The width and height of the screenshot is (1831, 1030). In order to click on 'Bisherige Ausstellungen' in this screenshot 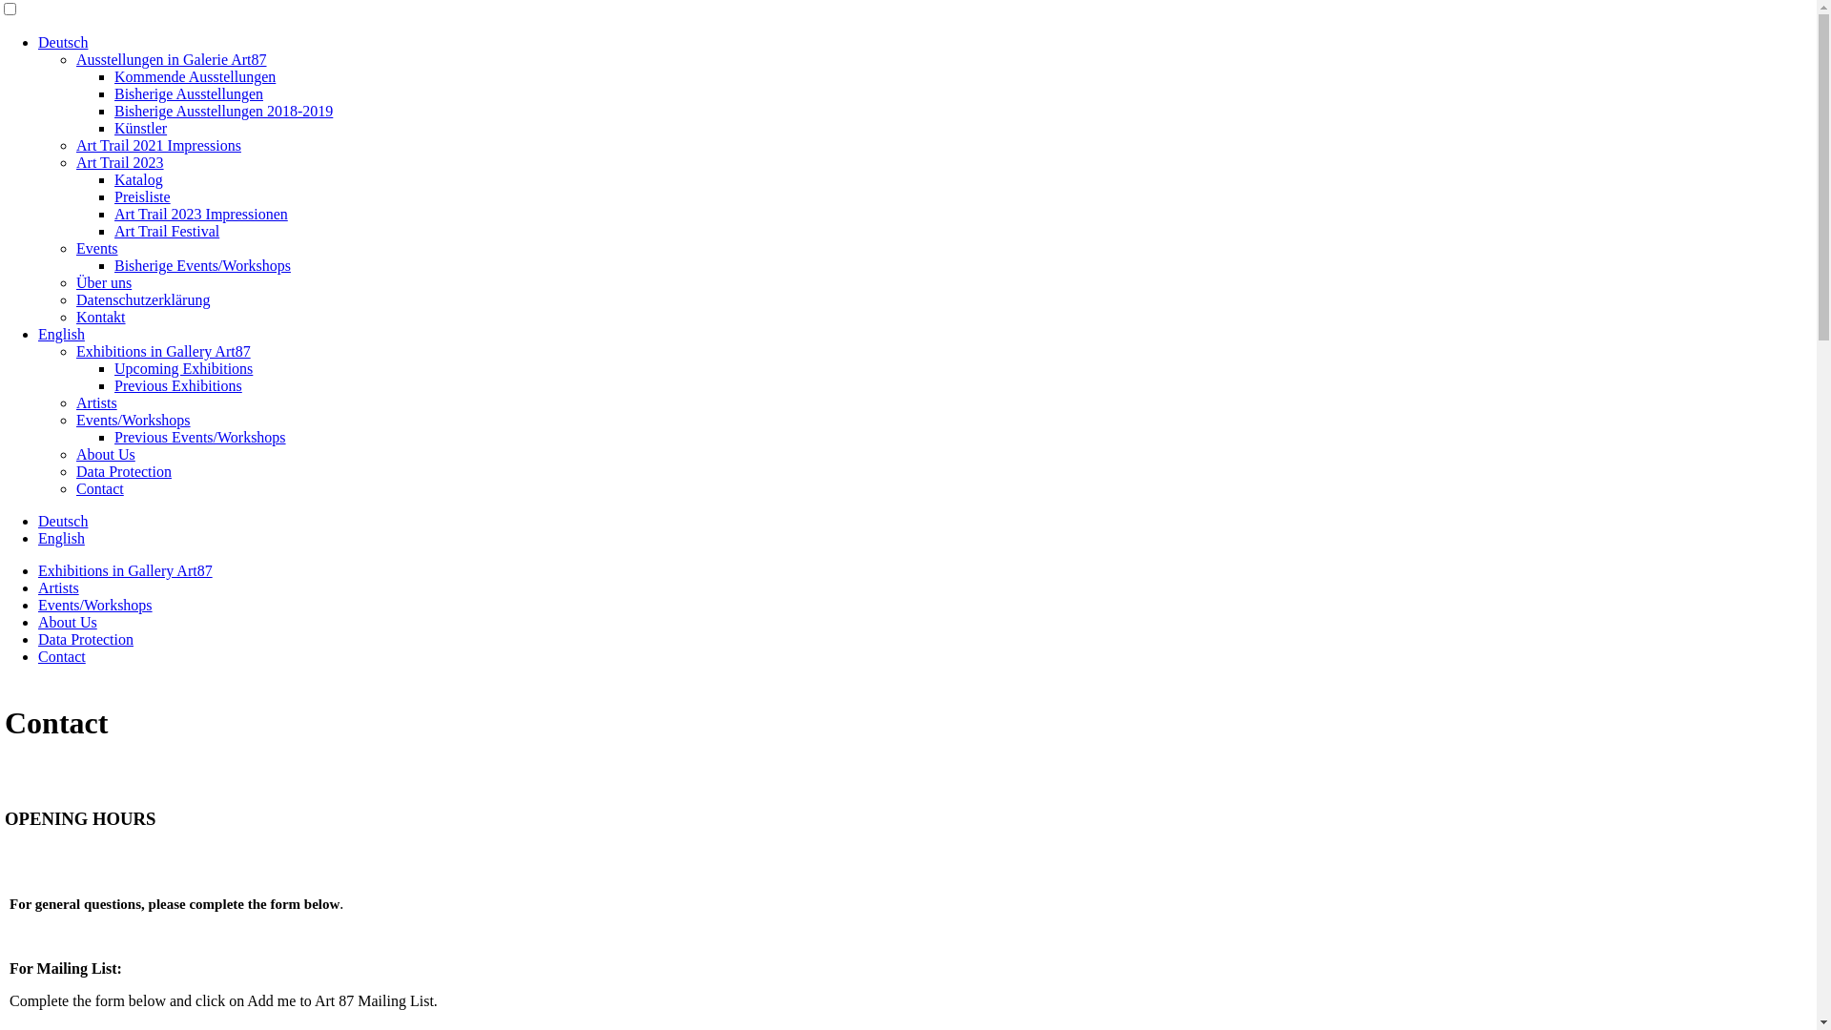, I will do `click(188, 93)`.